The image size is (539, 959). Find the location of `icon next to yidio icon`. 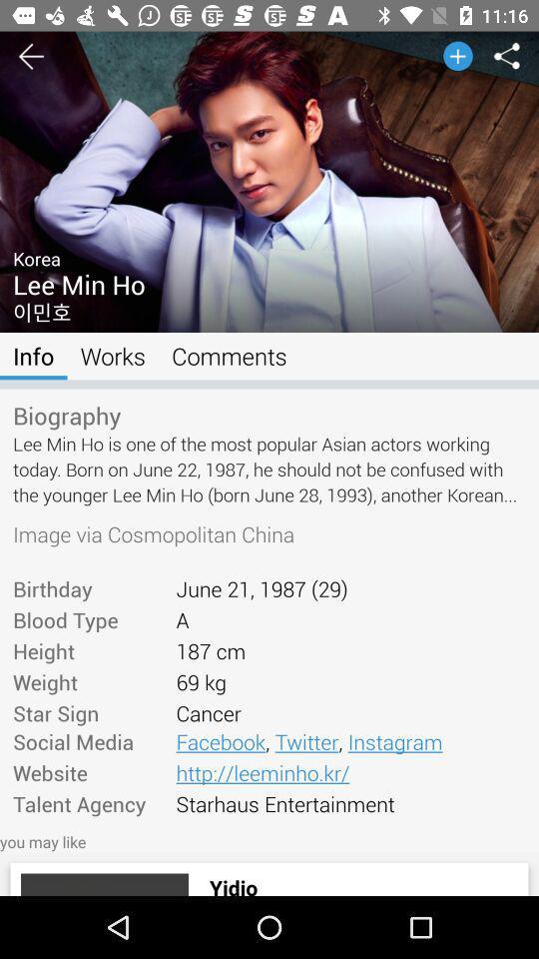

icon next to yidio icon is located at coordinates (104, 883).